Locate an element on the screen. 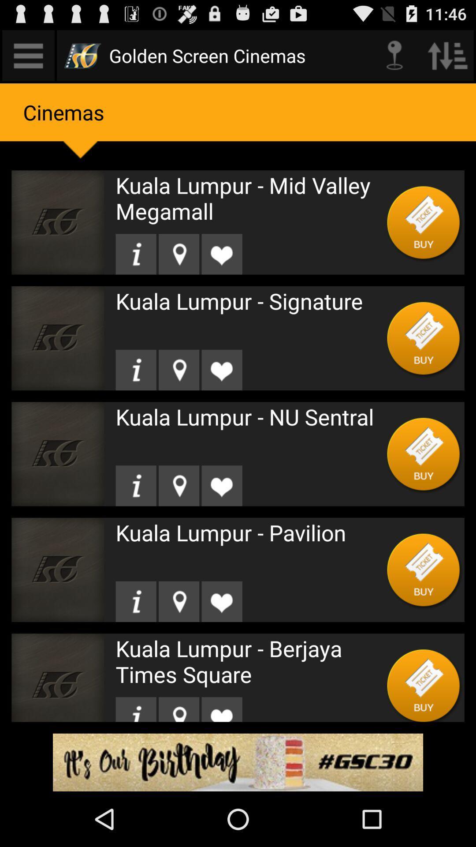  like item is located at coordinates (221, 709).